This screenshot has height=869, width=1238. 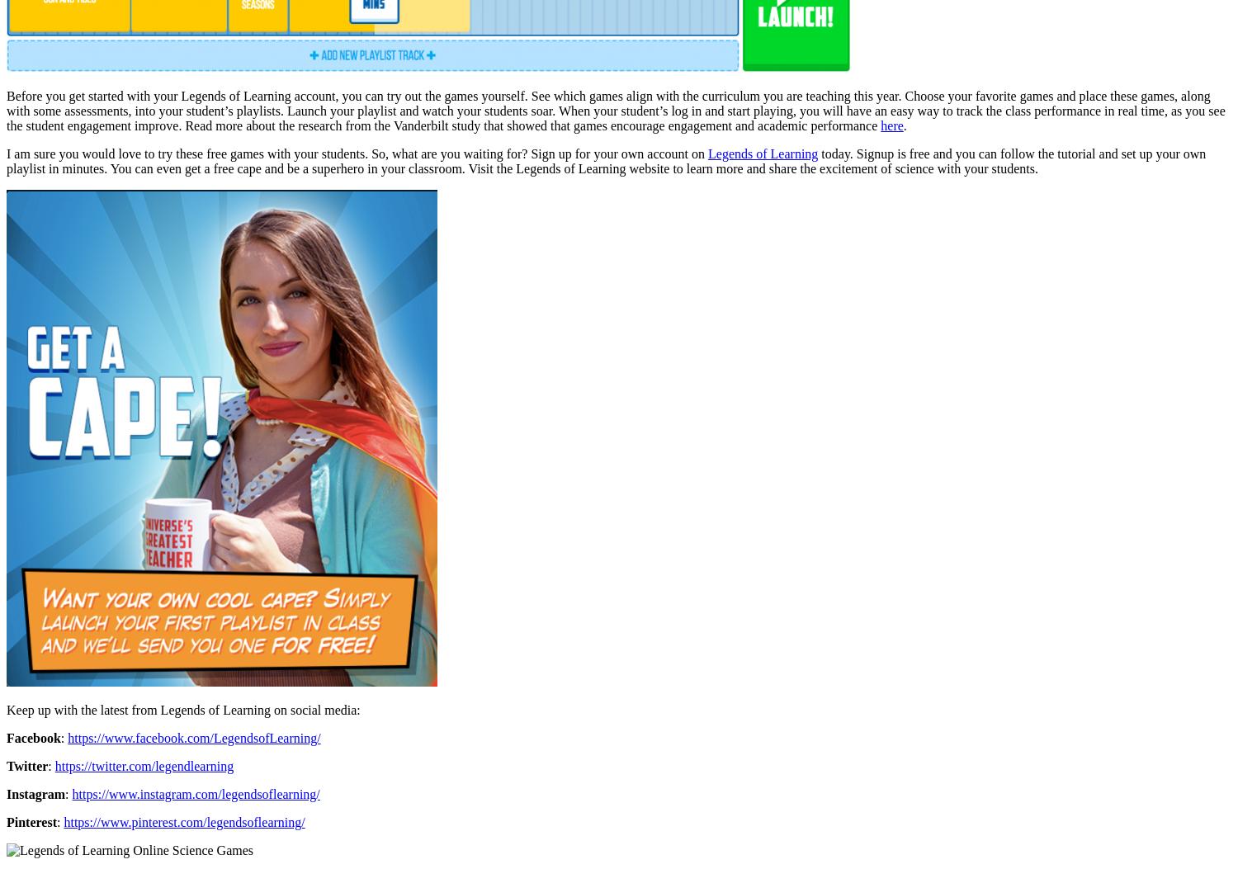 What do you see at coordinates (27, 764) in the screenshot?
I see `'Twitter'` at bounding box center [27, 764].